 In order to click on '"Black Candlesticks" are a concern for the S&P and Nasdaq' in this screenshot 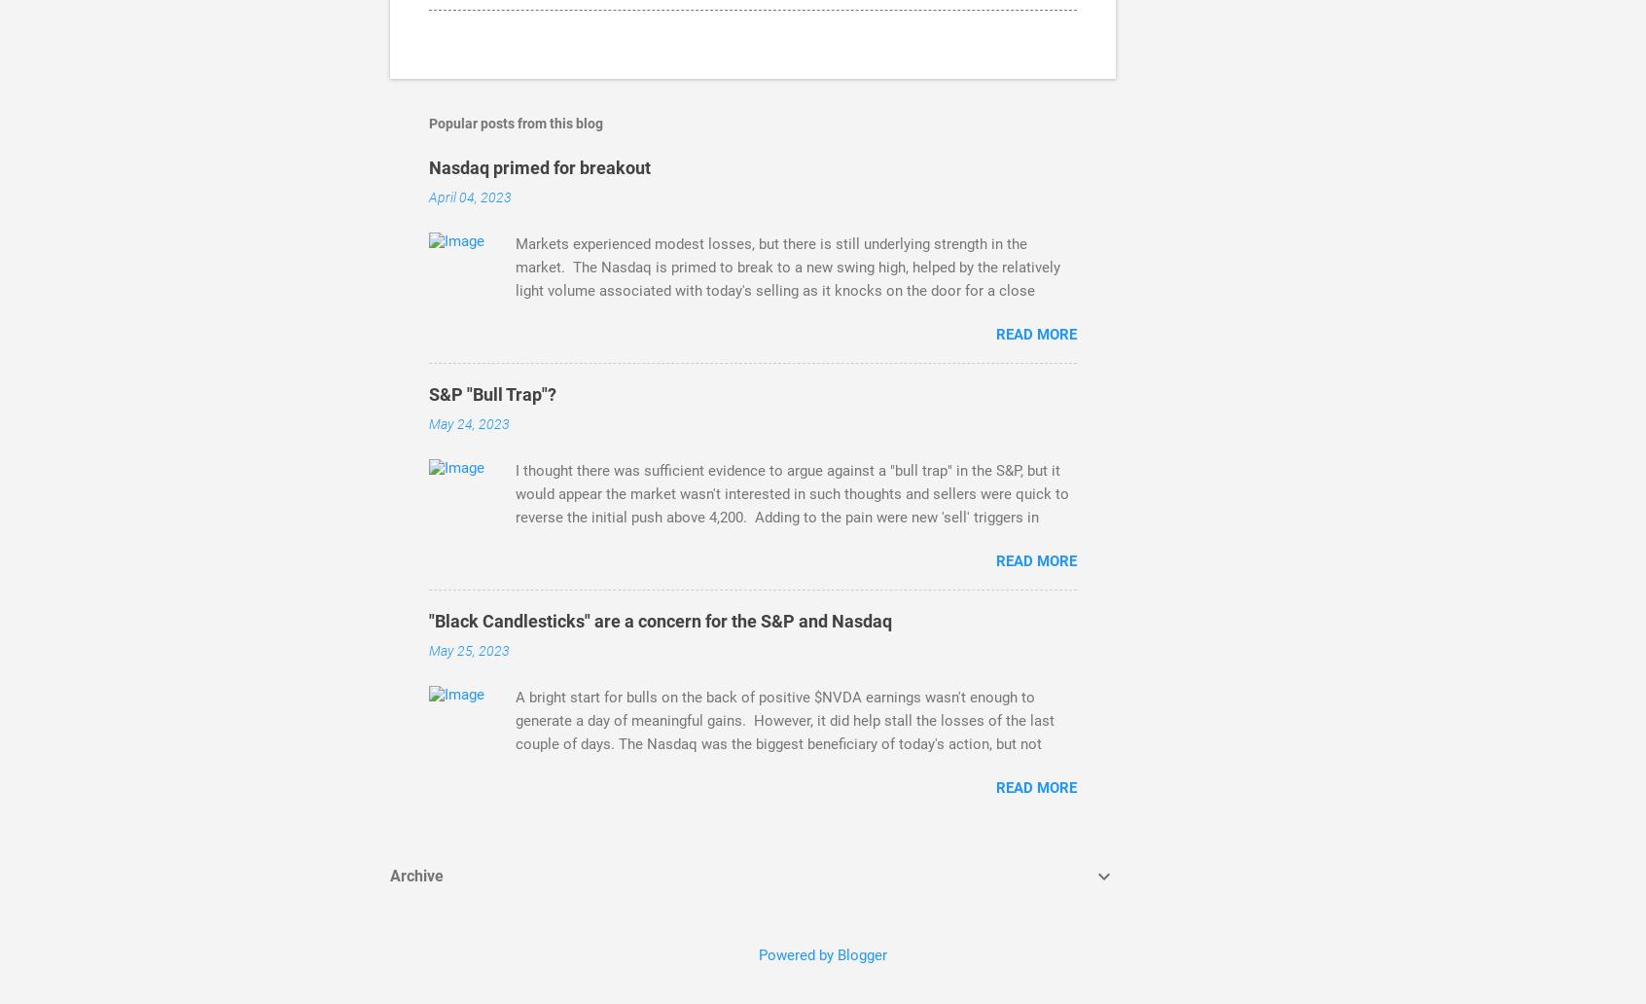, I will do `click(660, 621)`.